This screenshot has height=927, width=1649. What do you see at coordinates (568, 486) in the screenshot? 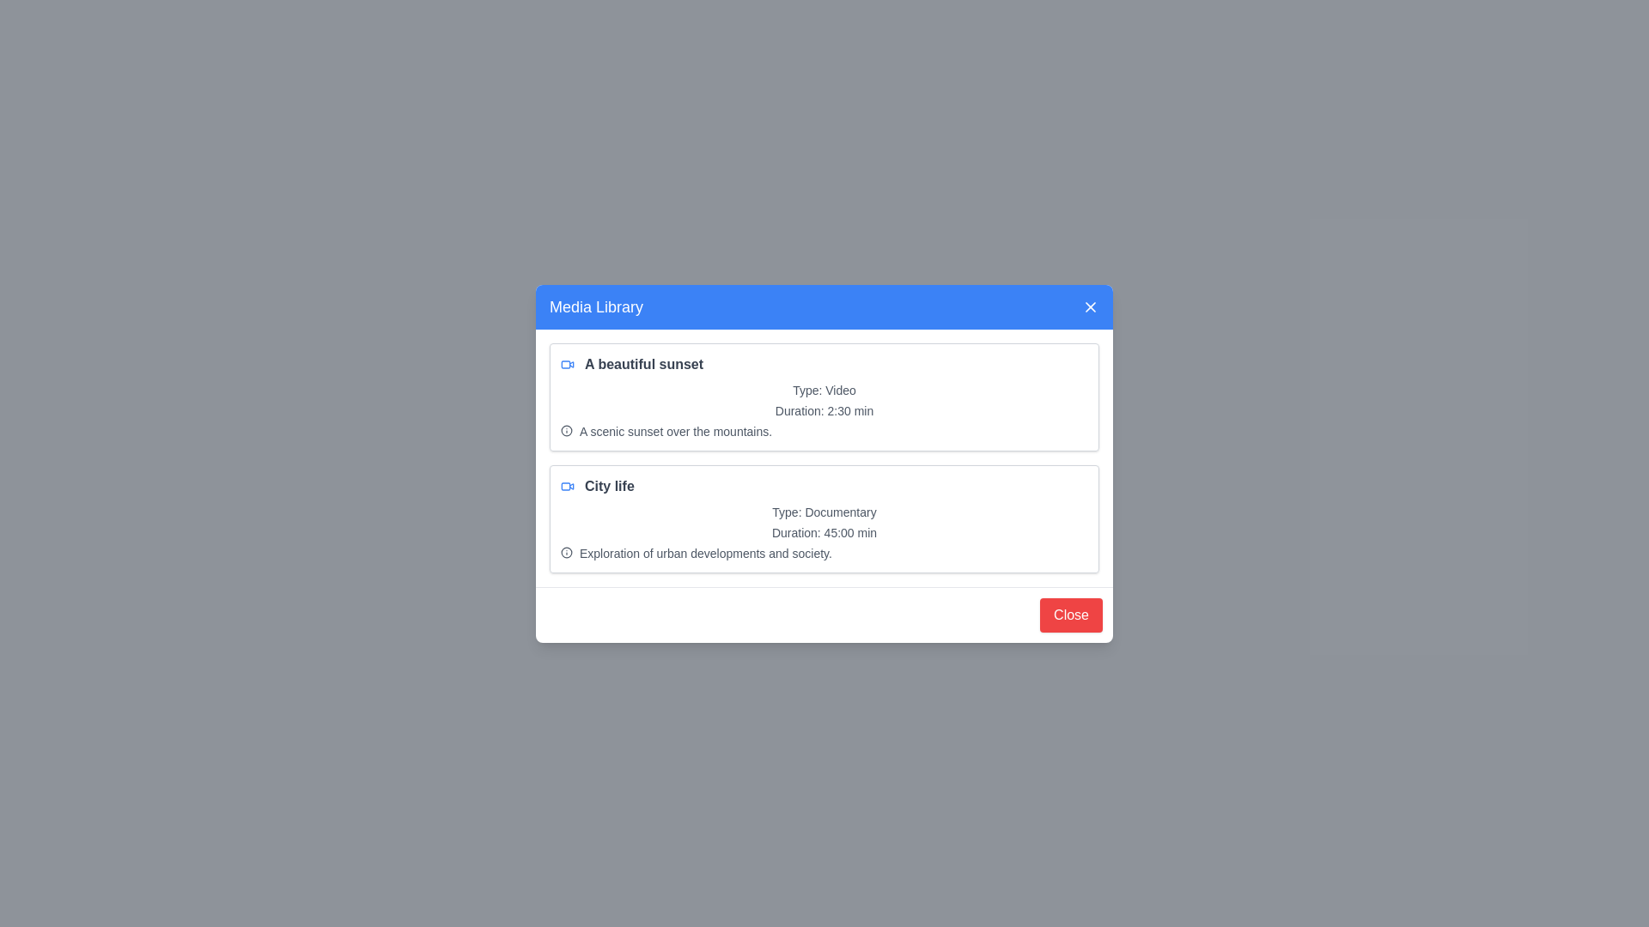
I see `the blue video camera icon located to the left of the 'City life' text within the second card of the 'Media Library' popup` at bounding box center [568, 486].